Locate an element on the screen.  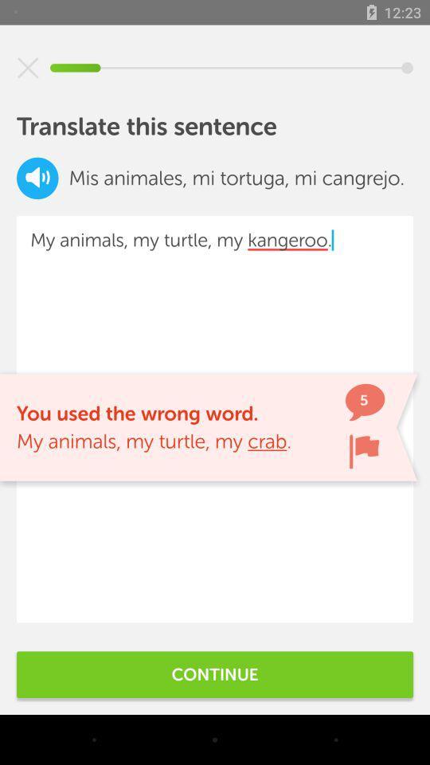
the star icon is located at coordinates (28, 68).